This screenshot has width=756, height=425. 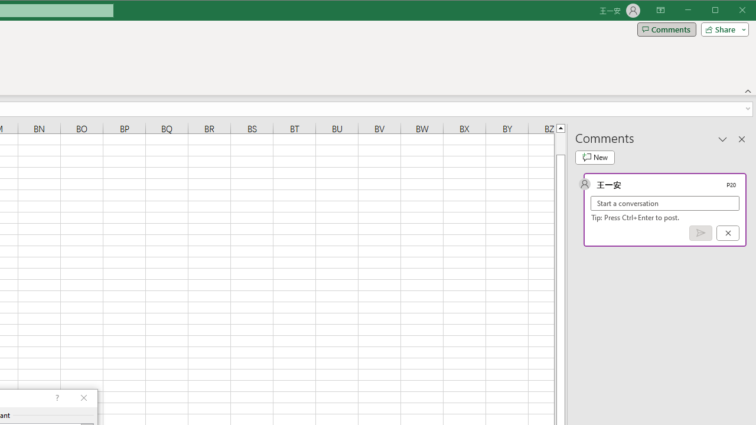 What do you see at coordinates (745, 11) in the screenshot?
I see `'Close'` at bounding box center [745, 11].